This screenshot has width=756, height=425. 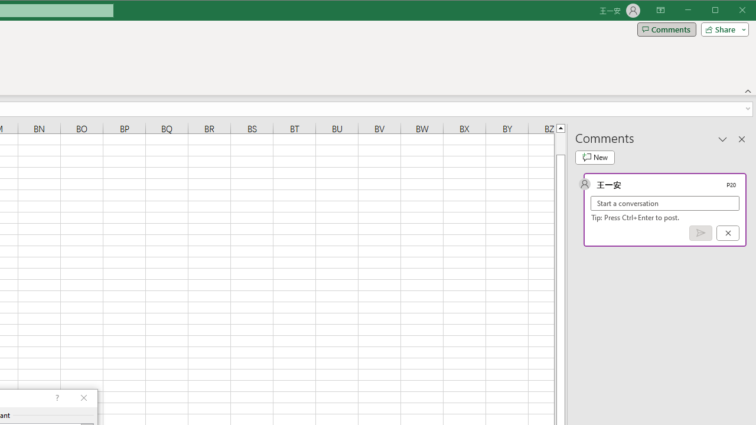 What do you see at coordinates (745, 11) in the screenshot?
I see `'Close'` at bounding box center [745, 11].